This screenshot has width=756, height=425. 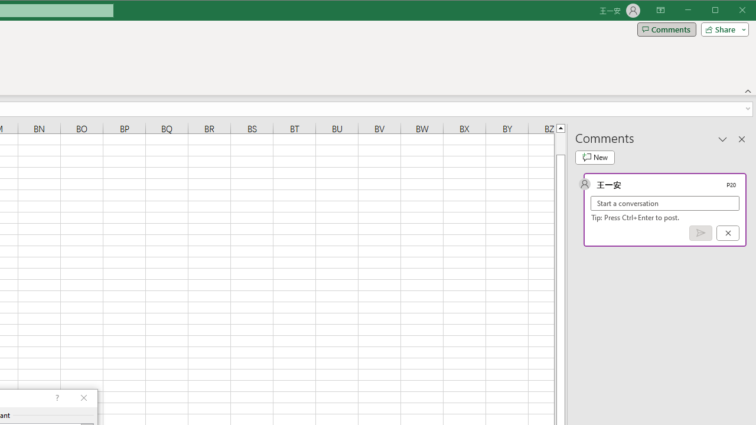 What do you see at coordinates (745, 11) in the screenshot?
I see `'Close'` at bounding box center [745, 11].